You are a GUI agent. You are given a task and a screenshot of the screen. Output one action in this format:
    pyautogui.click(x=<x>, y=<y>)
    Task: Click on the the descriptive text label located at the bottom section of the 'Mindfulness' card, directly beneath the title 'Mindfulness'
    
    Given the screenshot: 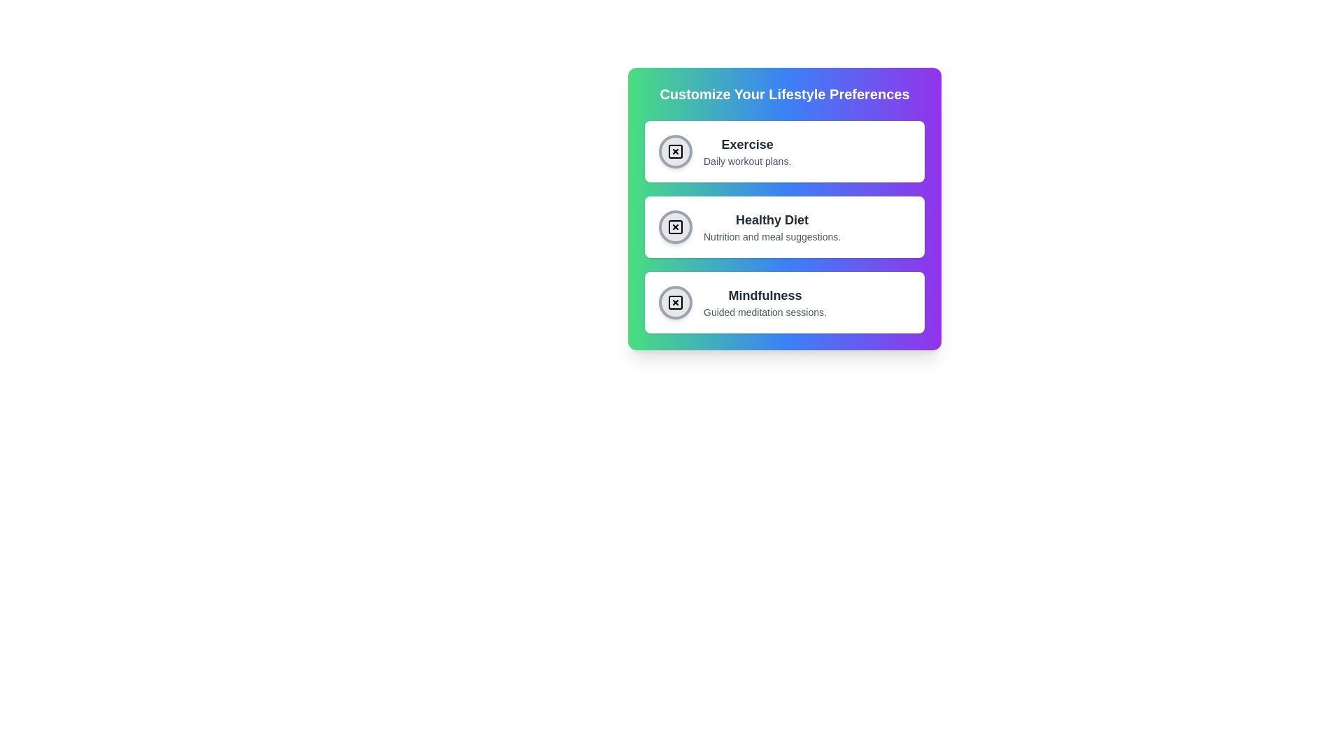 What is the action you would take?
    pyautogui.click(x=765, y=312)
    